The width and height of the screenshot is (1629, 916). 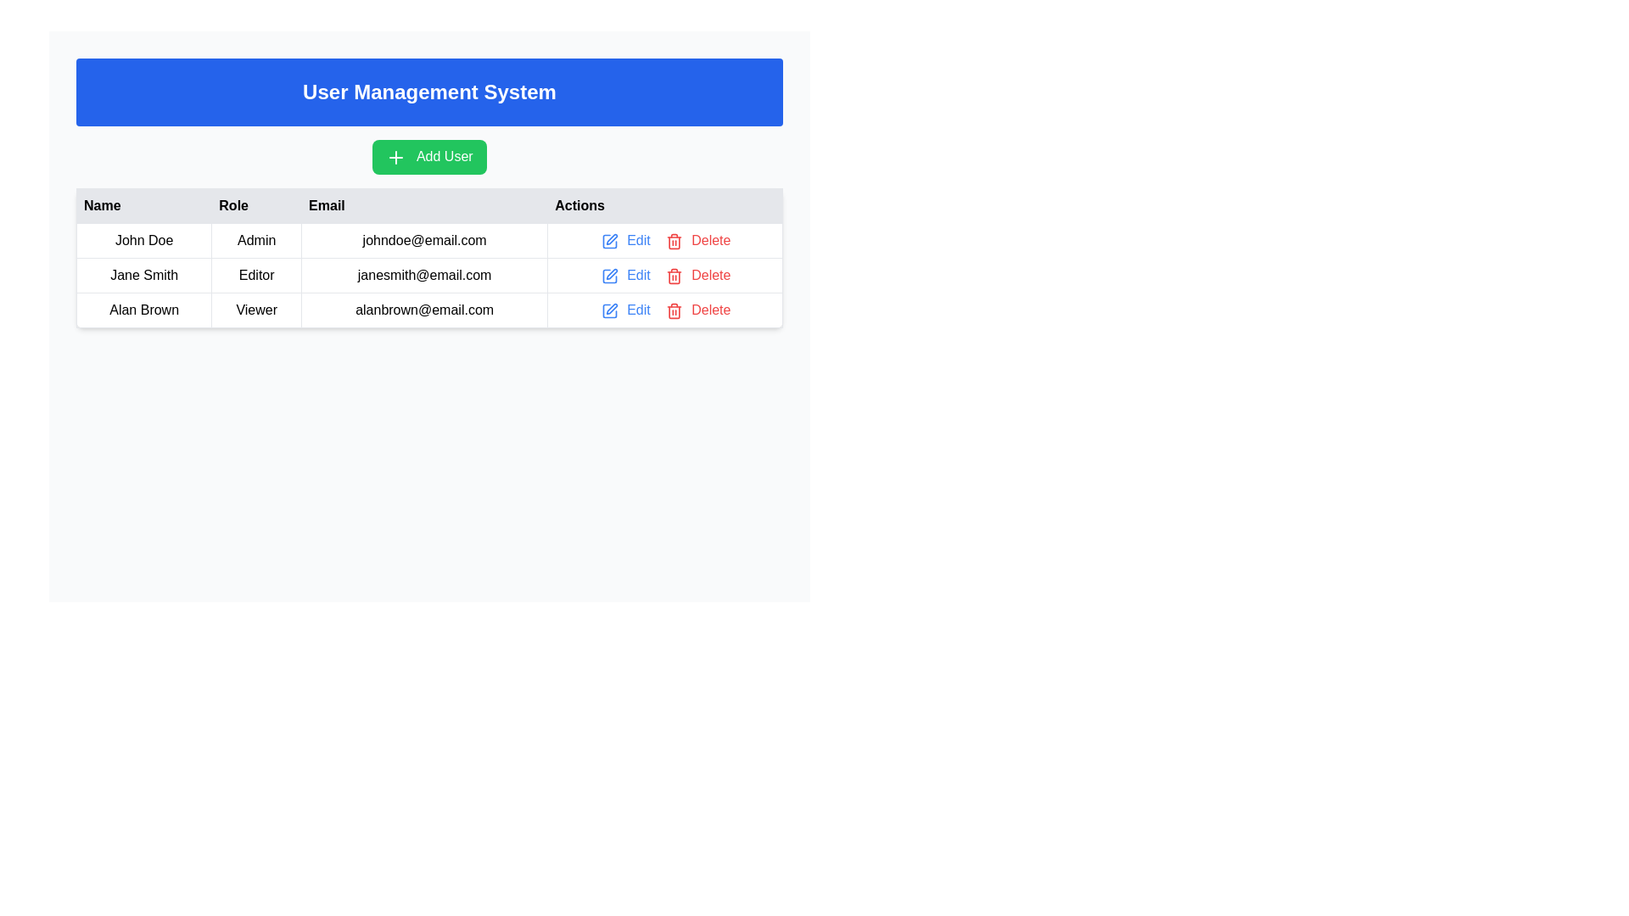 I want to click on the square outline of the 'Edit' icon in the 'Actions' column for user 'Jane Smith', so click(x=609, y=275).